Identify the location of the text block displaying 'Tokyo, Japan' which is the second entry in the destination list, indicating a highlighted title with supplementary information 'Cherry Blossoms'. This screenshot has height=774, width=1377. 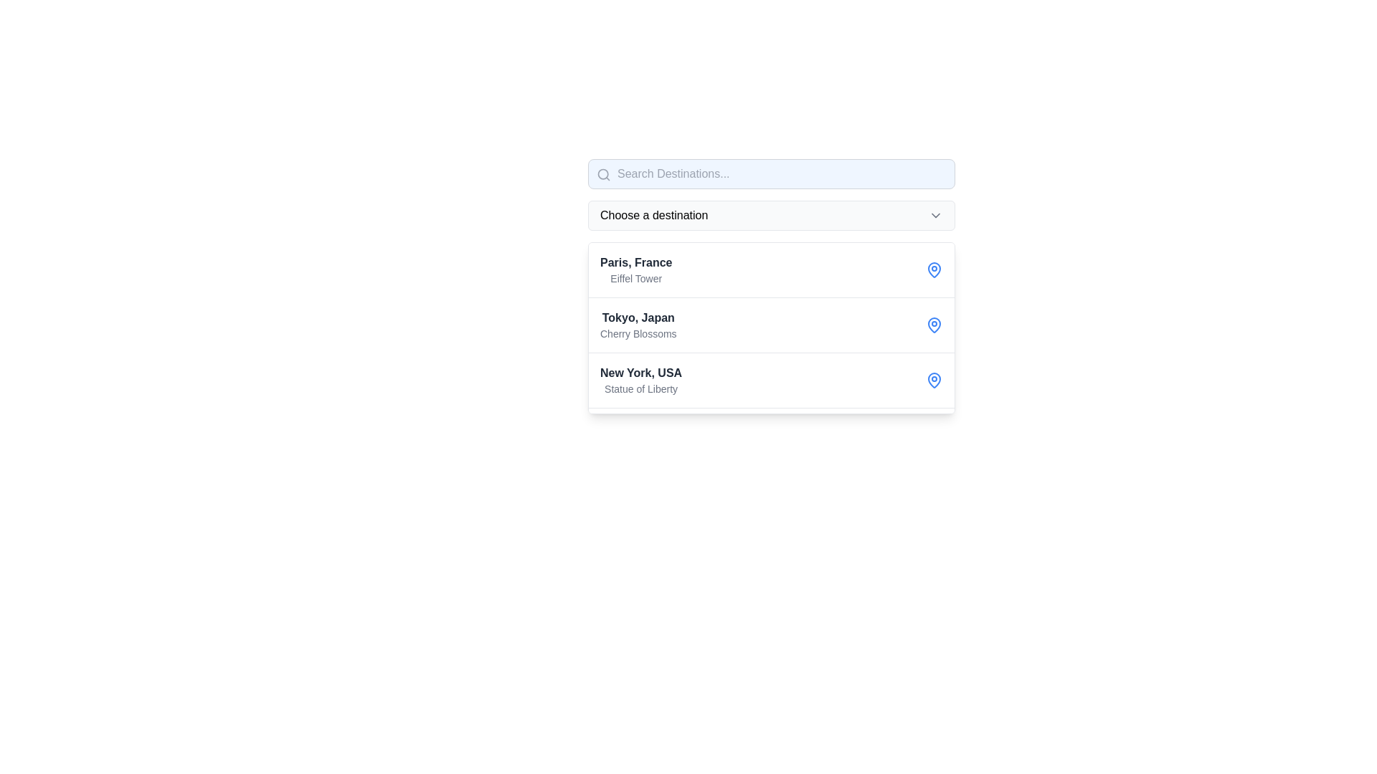
(638, 325).